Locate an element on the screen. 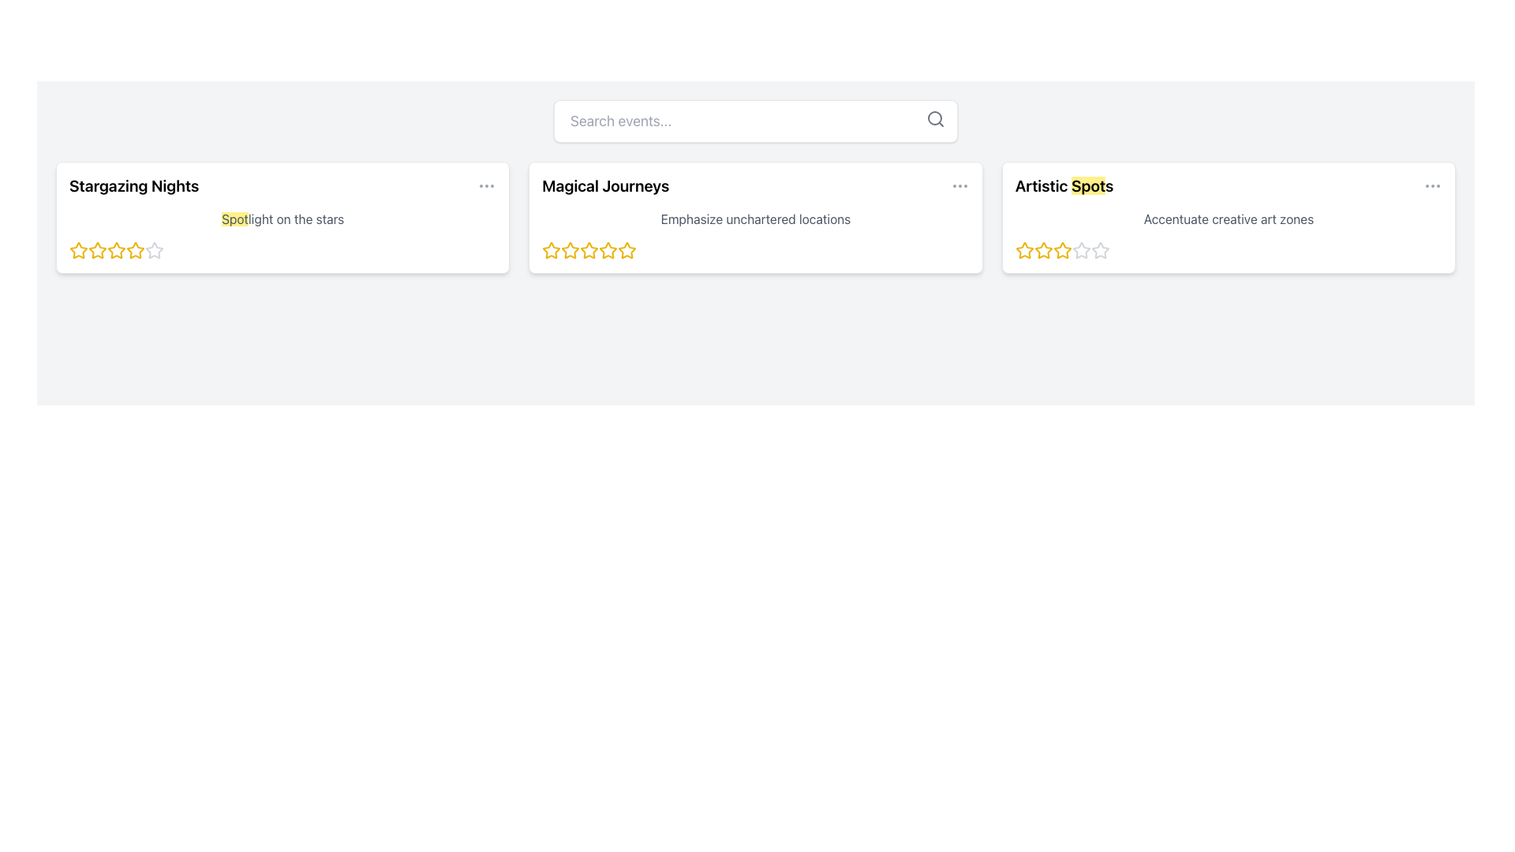 Image resolution: width=1515 pixels, height=852 pixels. the first yellow-outlined star icon representing the rating feature for 'Artistic Spots' is located at coordinates (1024, 249).